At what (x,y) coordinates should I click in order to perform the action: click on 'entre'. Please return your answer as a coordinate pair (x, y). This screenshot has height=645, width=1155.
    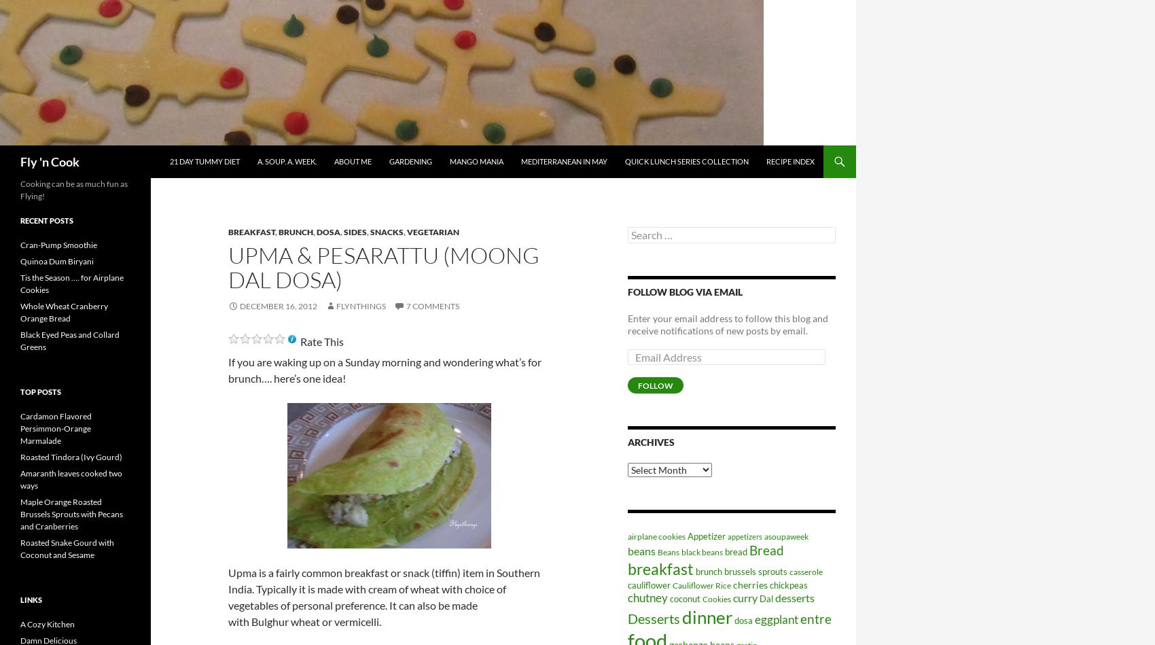
    Looking at the image, I should click on (799, 617).